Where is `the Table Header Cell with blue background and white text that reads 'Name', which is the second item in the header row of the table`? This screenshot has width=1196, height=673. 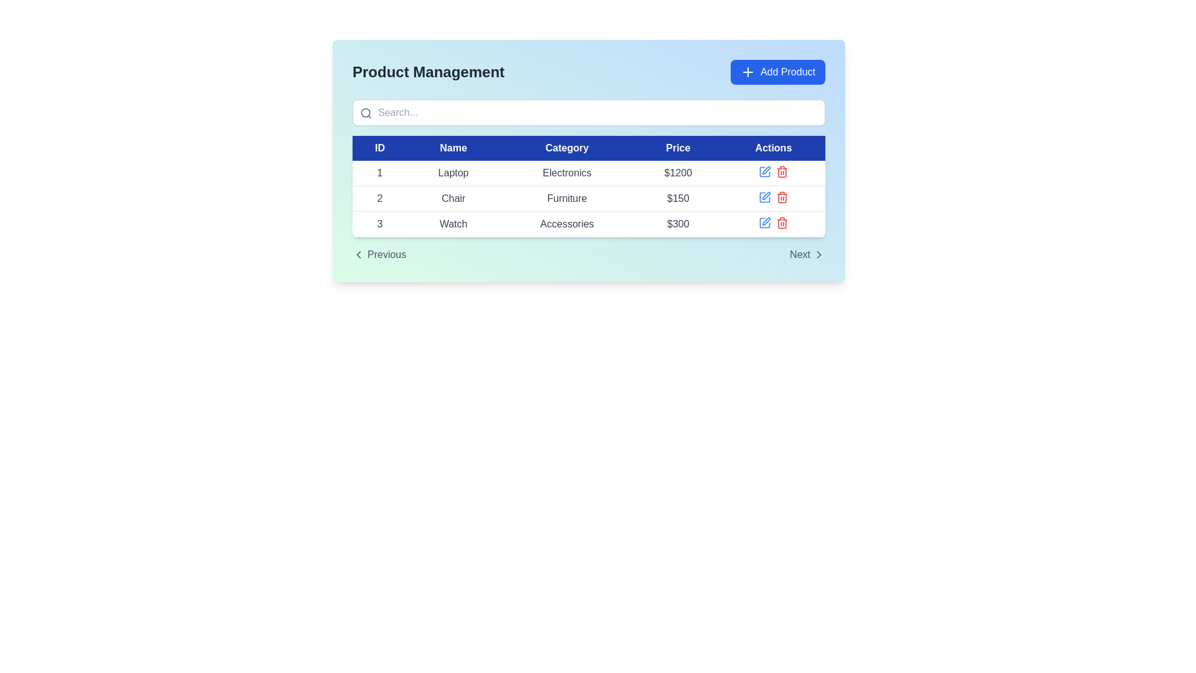
the Table Header Cell with blue background and white text that reads 'Name', which is the second item in the header row of the table is located at coordinates (453, 148).